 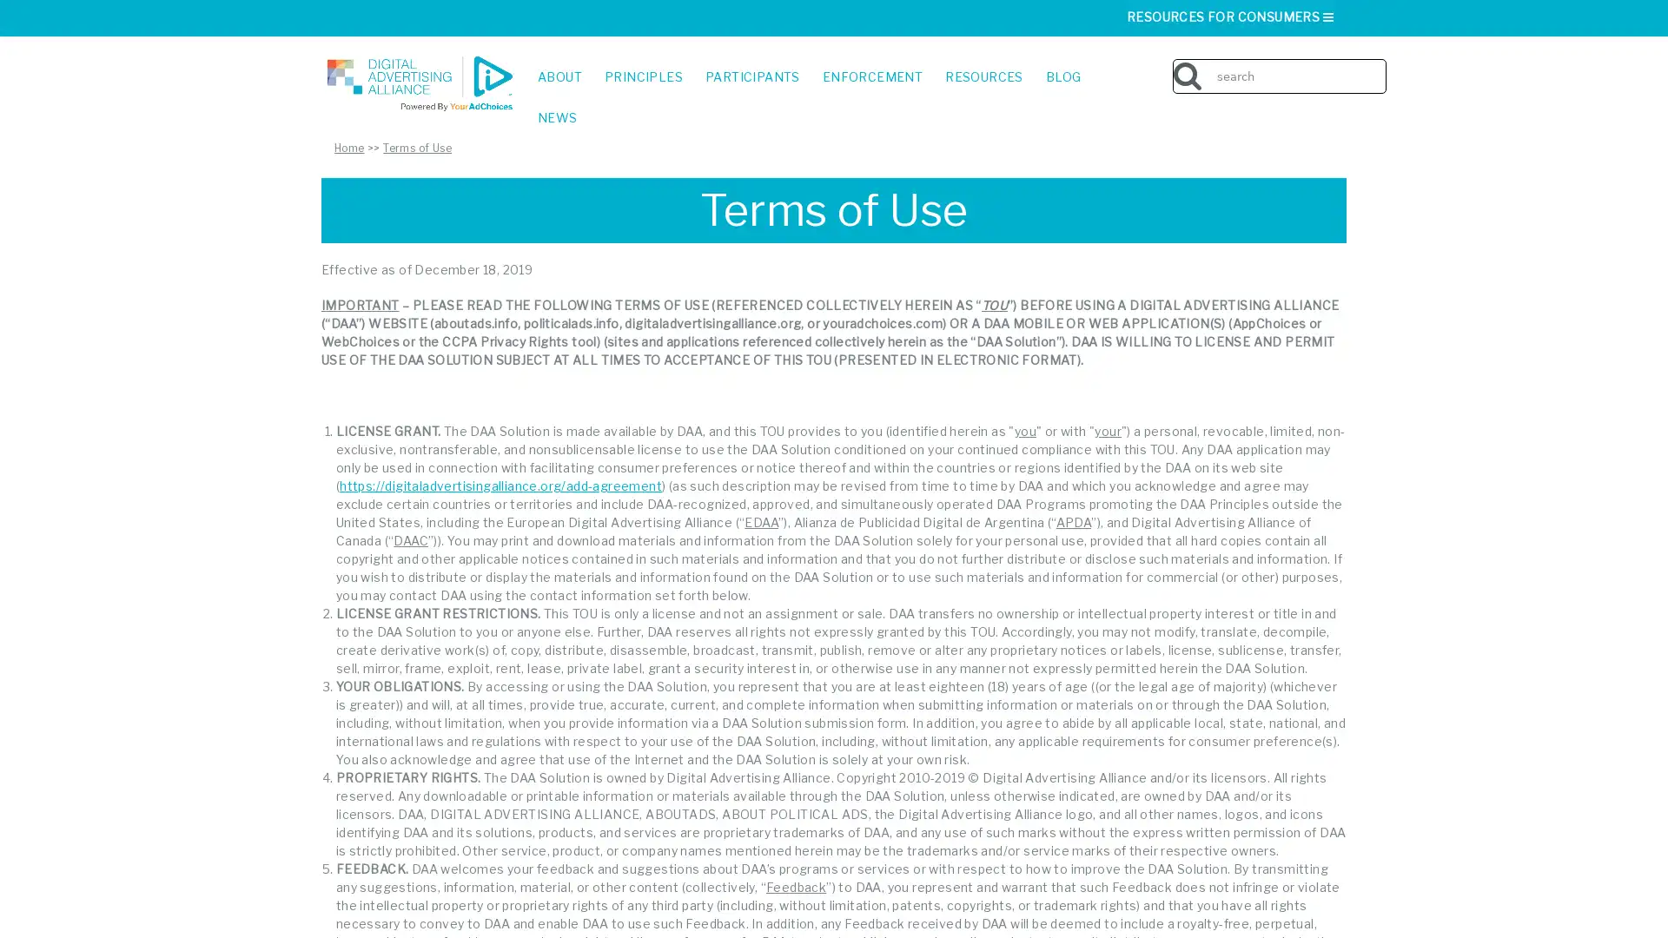 What do you see at coordinates (1380, 63) in the screenshot?
I see `Search` at bounding box center [1380, 63].